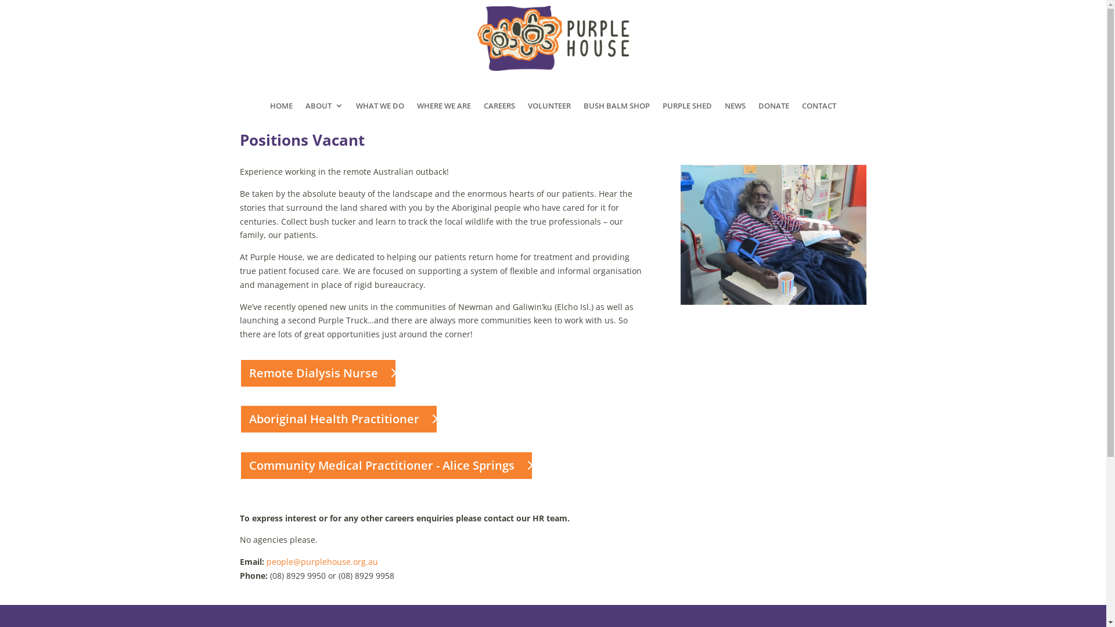 This screenshot has width=1115, height=627. I want to click on 'Remote Dialysis Nurse', so click(318, 373).